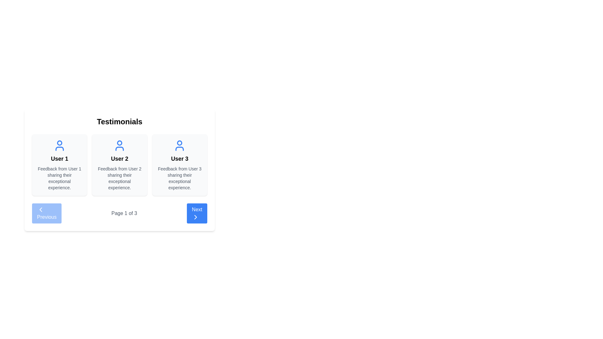 This screenshot has width=603, height=339. Describe the element at coordinates (46, 213) in the screenshot. I see `the 'Previous' button, which is a rectangular button with a blue background and white text, displaying the label 'Previous' with a left-pointing chevron symbol, located in the bottom-left section of the pagination control` at that location.